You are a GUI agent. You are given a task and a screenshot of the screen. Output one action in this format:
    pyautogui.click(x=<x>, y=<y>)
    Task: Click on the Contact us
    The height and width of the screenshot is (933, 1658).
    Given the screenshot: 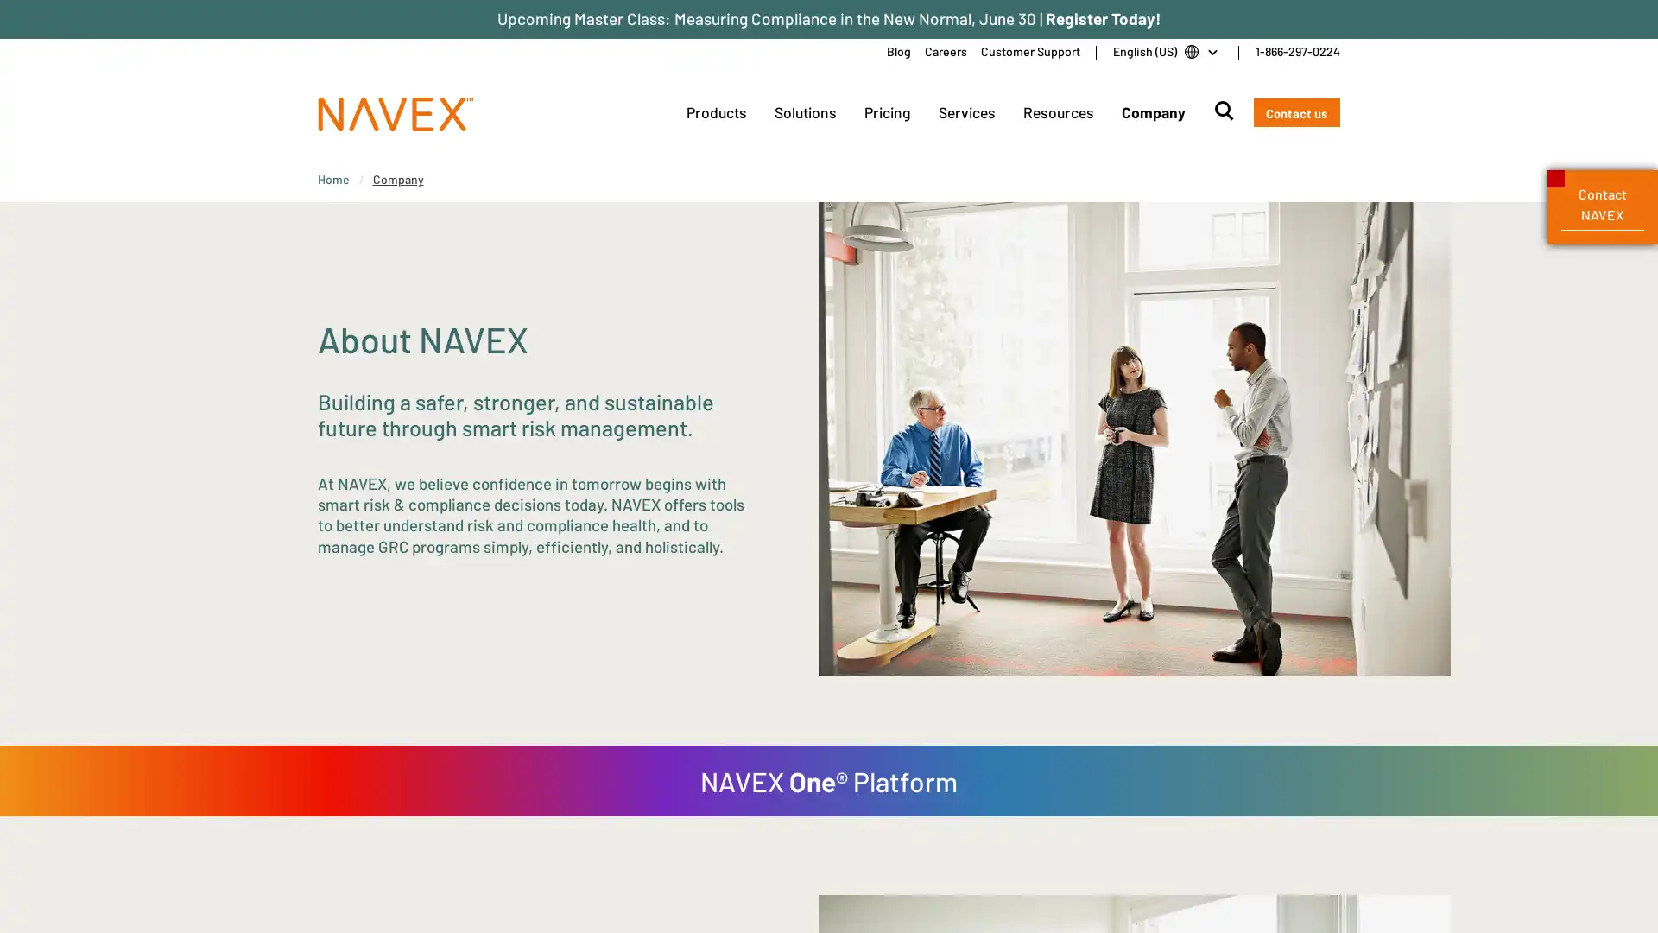 What is the action you would take?
    pyautogui.click(x=1296, y=112)
    